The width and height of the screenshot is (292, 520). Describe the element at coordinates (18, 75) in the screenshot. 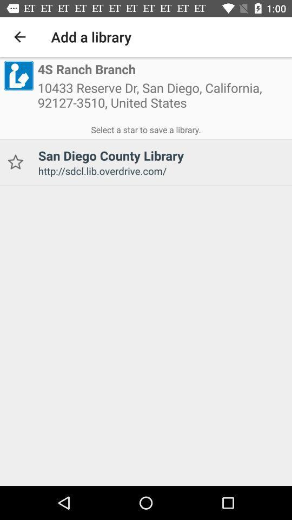

I see `icon to the left of the 4s ranch branch item` at that location.